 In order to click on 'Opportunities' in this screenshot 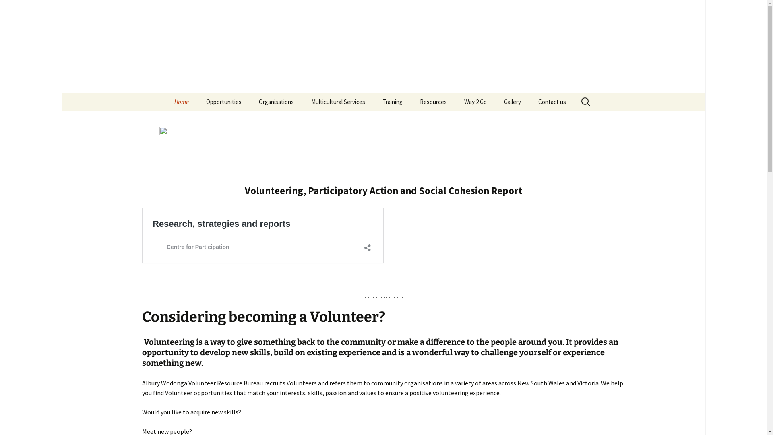, I will do `click(224, 101)`.